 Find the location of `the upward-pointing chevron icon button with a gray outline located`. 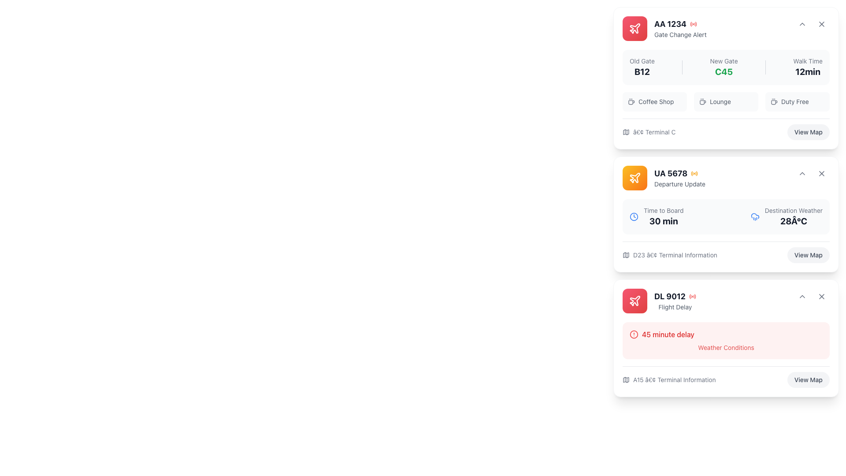

the upward-pointing chevron icon button with a gray outline located is located at coordinates (802, 173).